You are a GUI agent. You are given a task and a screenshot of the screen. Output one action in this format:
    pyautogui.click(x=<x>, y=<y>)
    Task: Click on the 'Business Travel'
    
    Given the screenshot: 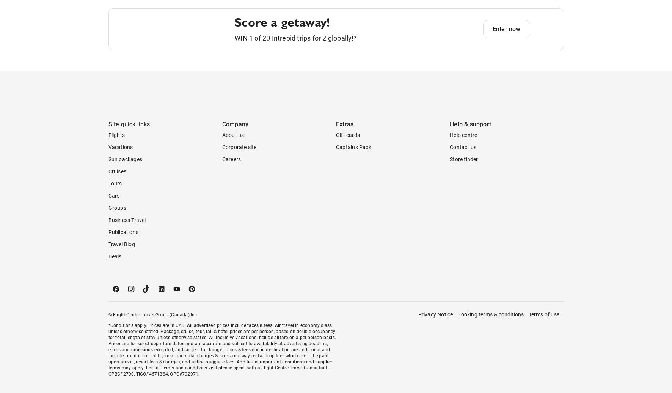 What is the action you would take?
    pyautogui.click(x=127, y=250)
    